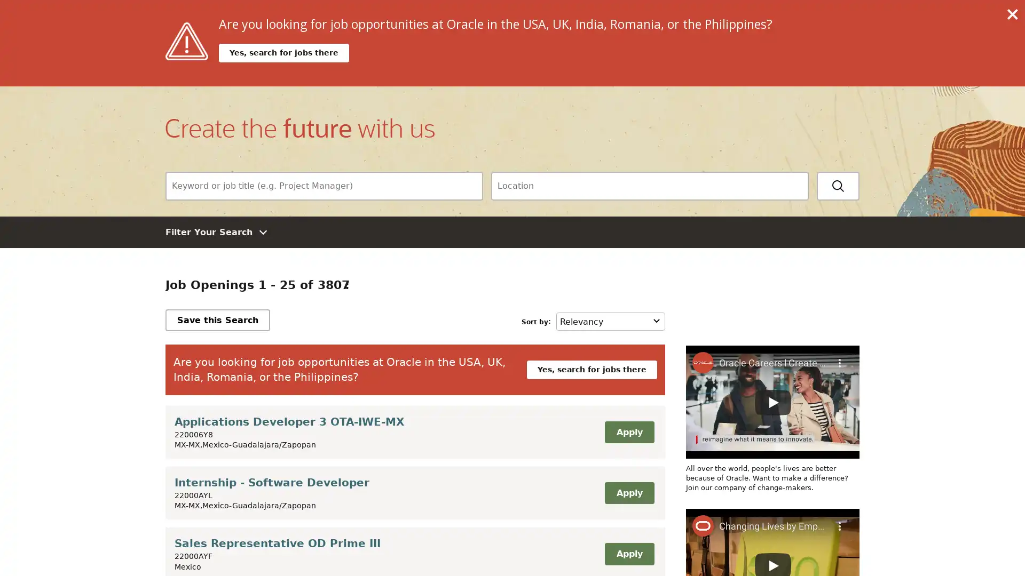 This screenshot has height=576, width=1025. What do you see at coordinates (629, 432) in the screenshot?
I see `Apply` at bounding box center [629, 432].